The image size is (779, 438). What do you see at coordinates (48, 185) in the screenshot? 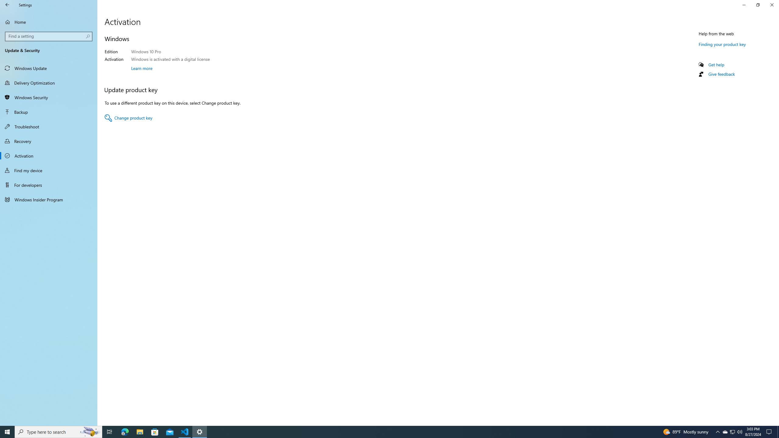
I see `'For developers'` at bounding box center [48, 185].